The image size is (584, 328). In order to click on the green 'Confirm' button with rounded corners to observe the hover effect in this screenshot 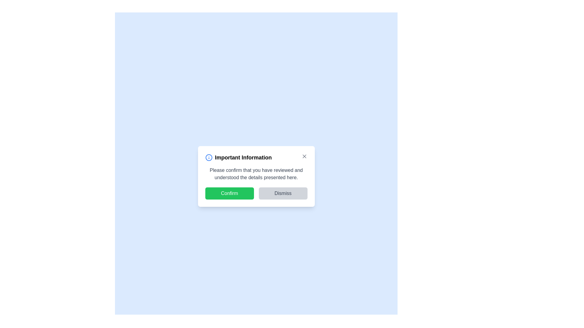, I will do `click(229, 193)`.